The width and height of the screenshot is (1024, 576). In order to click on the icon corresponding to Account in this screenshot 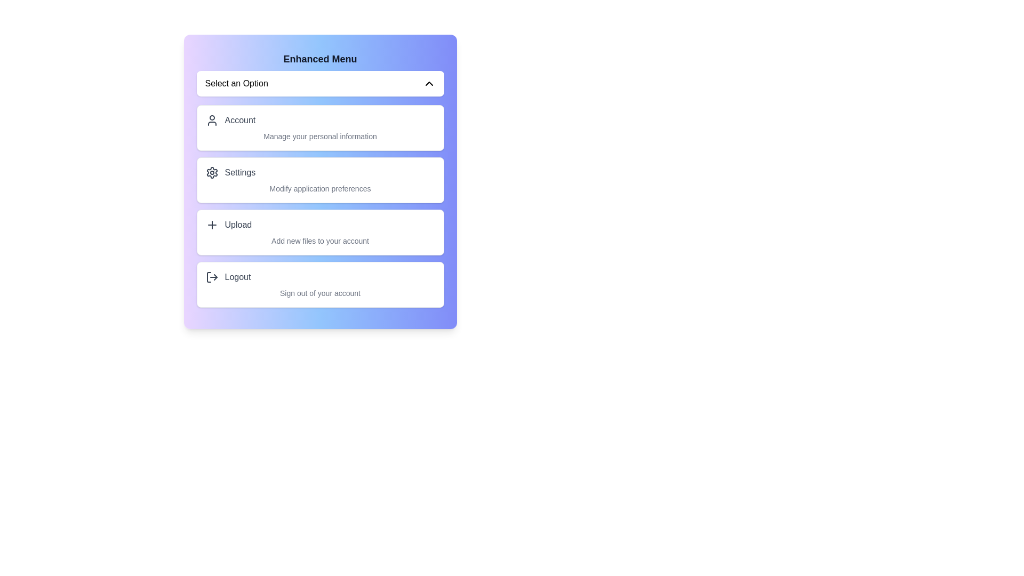, I will do `click(212, 120)`.